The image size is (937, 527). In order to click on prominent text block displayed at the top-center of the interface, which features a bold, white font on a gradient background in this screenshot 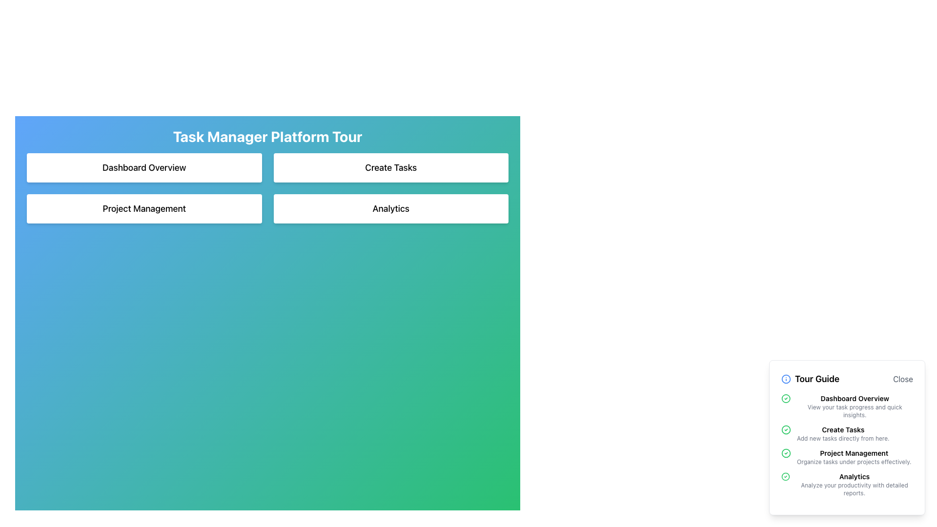, I will do `click(267, 137)`.